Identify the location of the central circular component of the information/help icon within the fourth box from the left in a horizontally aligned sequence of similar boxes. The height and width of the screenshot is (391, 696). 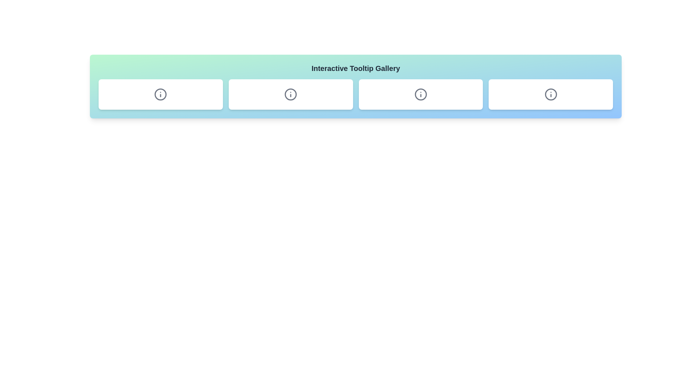
(551, 94).